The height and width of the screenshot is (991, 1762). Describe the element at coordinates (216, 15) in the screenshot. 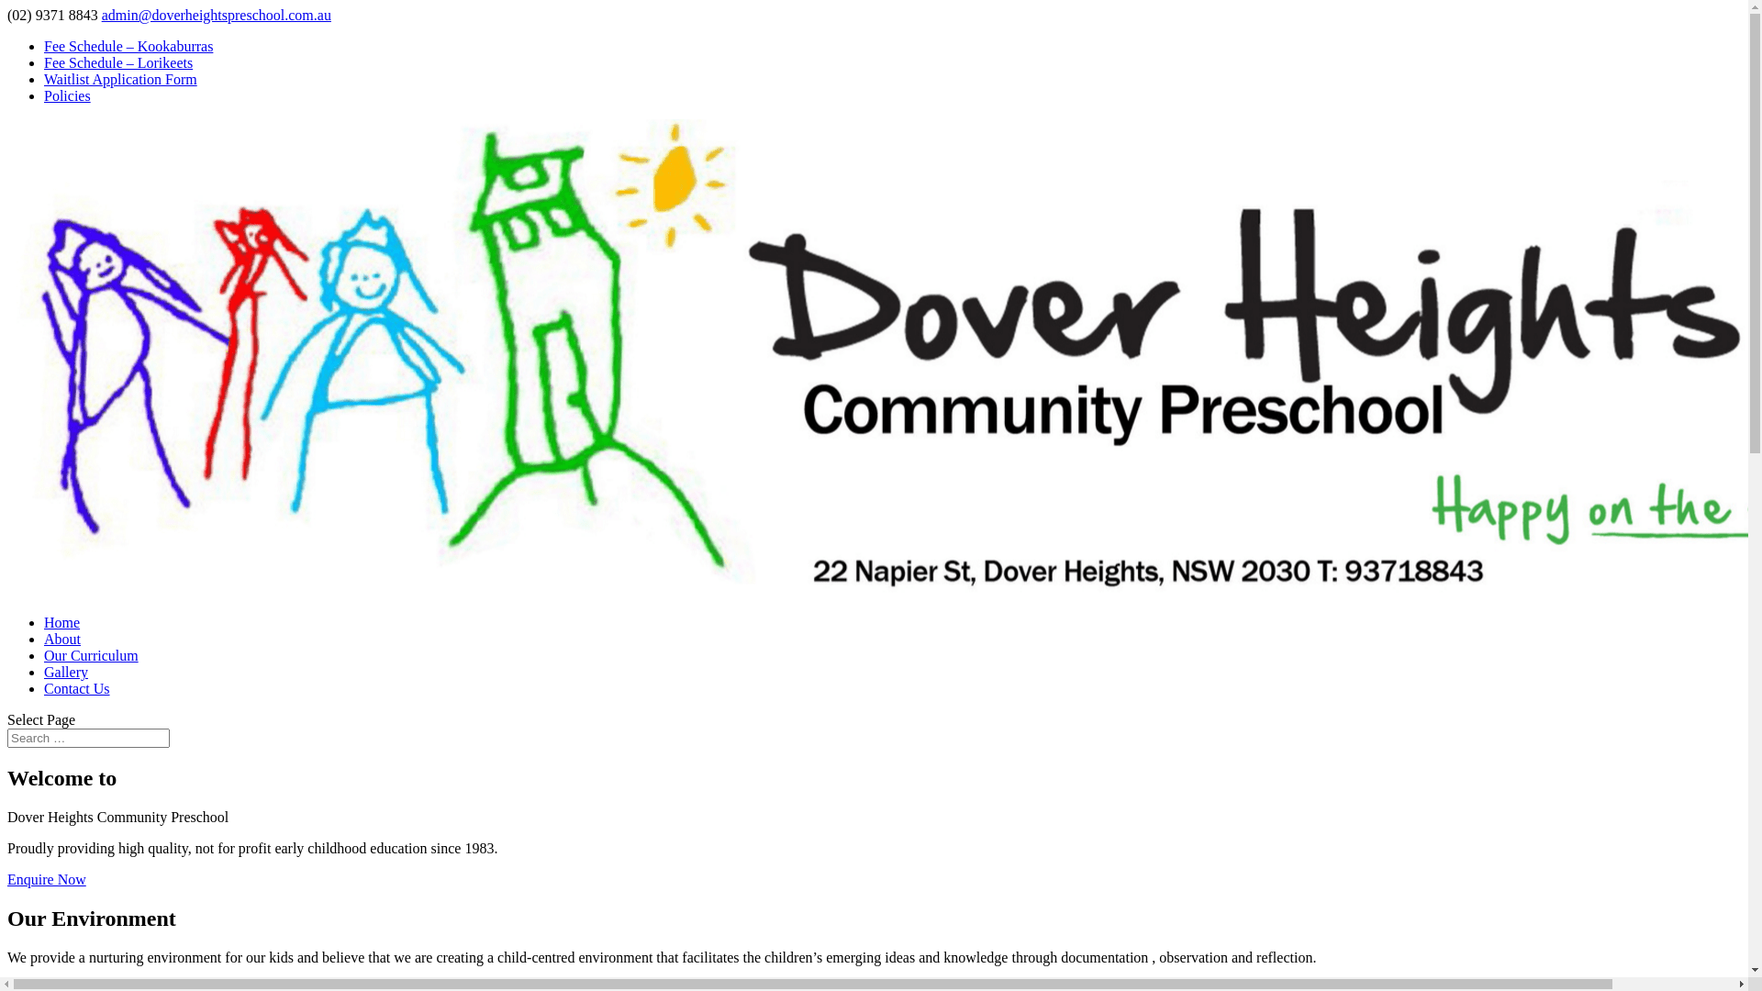

I see `'admin@doverheightspreschool.com.au'` at that location.